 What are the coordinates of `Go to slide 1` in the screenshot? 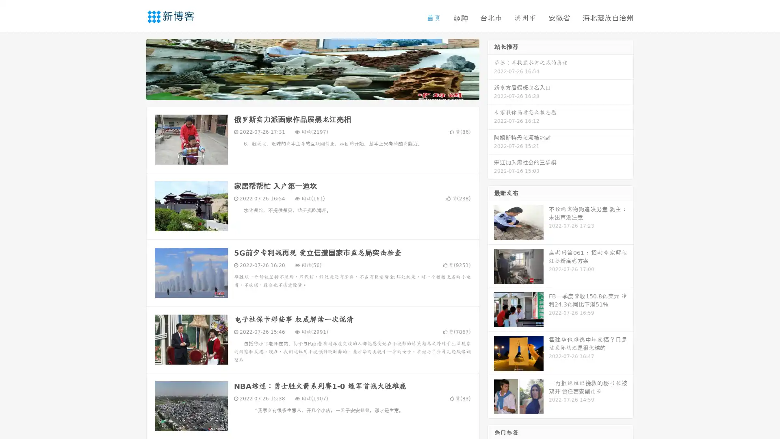 It's located at (304, 91).